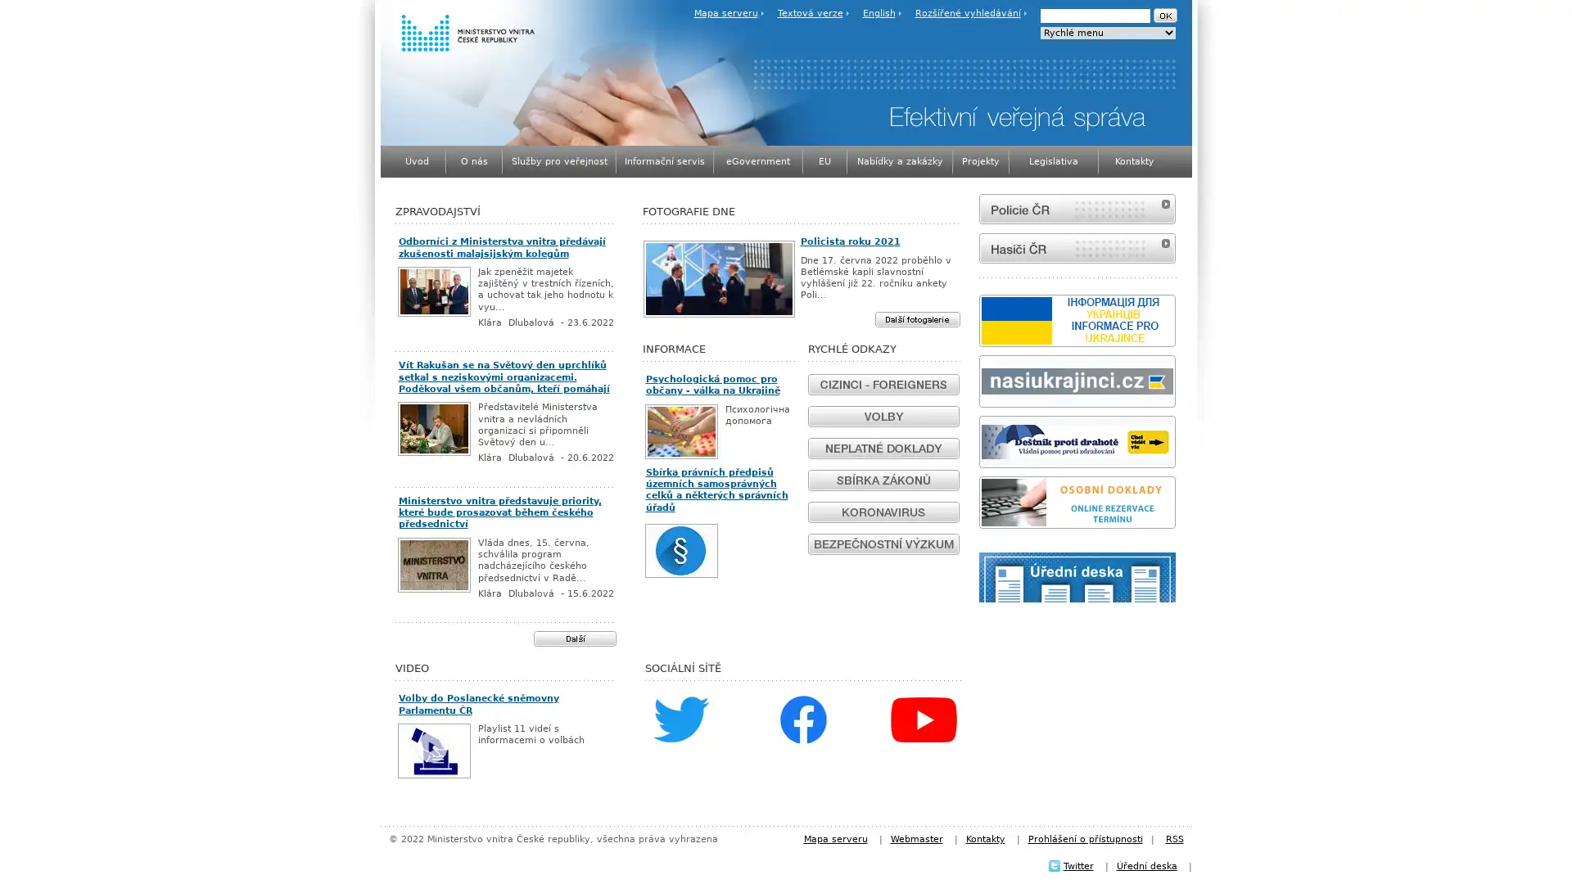 The height and width of the screenshot is (884, 1572). Describe the element at coordinates (1163, 16) in the screenshot. I see `ok` at that location.